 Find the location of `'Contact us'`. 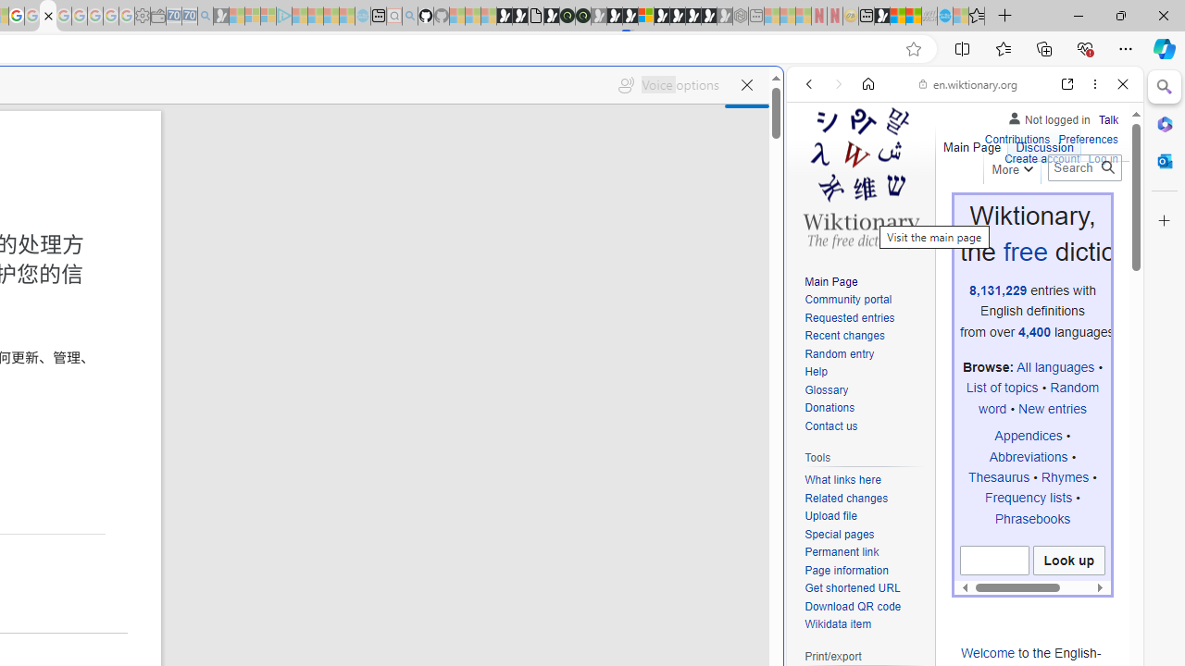

'Contact us' is located at coordinates (829, 425).